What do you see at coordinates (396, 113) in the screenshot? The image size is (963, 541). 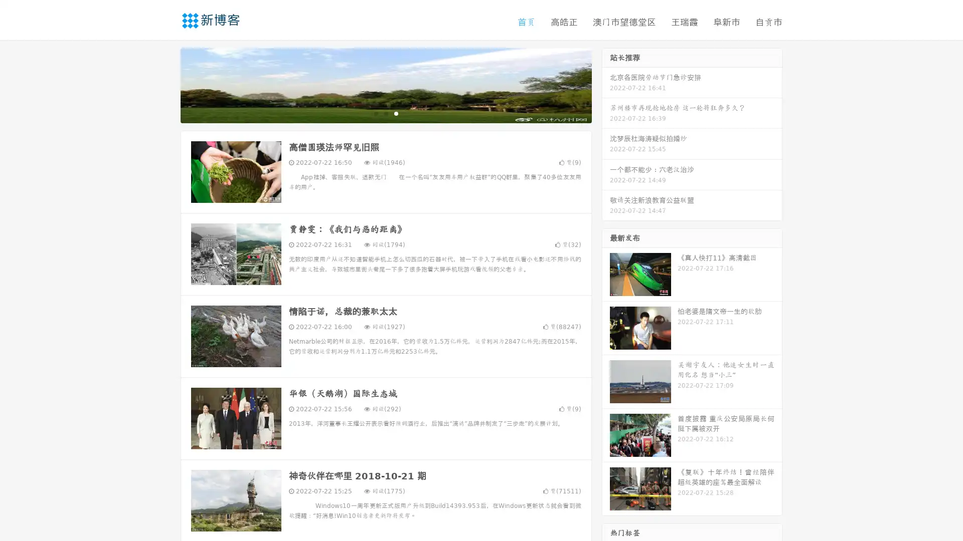 I see `Go to slide 3` at bounding box center [396, 113].